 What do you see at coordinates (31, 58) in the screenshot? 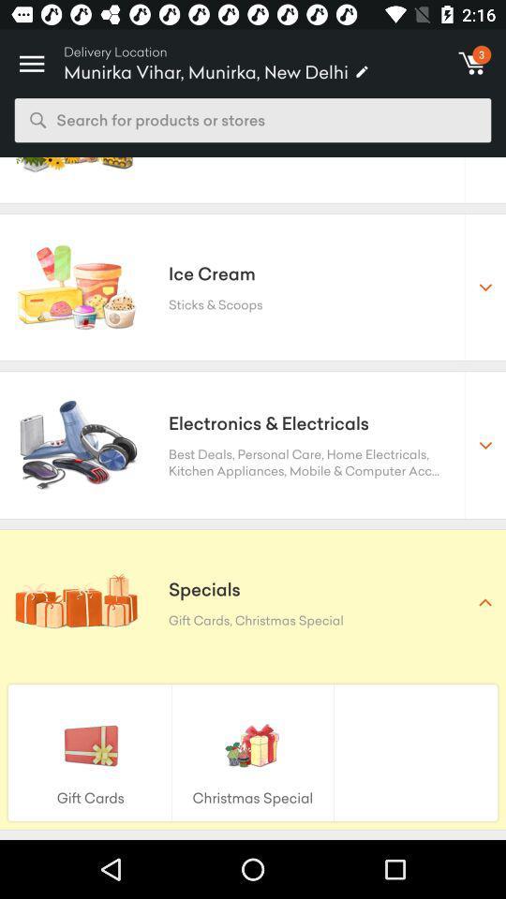
I see `icon next to the delivery location icon` at bounding box center [31, 58].